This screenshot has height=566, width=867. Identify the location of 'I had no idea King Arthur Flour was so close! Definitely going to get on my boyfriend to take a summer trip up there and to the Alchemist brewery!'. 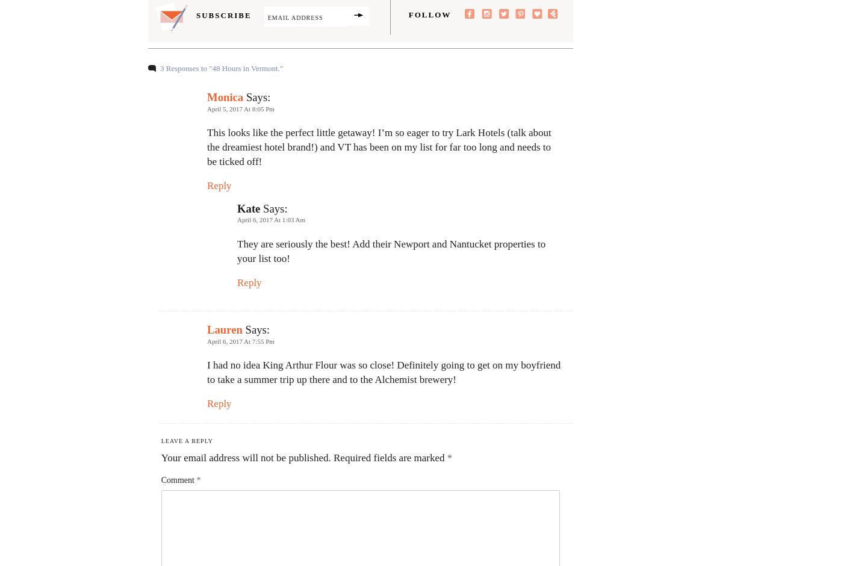
(383, 372).